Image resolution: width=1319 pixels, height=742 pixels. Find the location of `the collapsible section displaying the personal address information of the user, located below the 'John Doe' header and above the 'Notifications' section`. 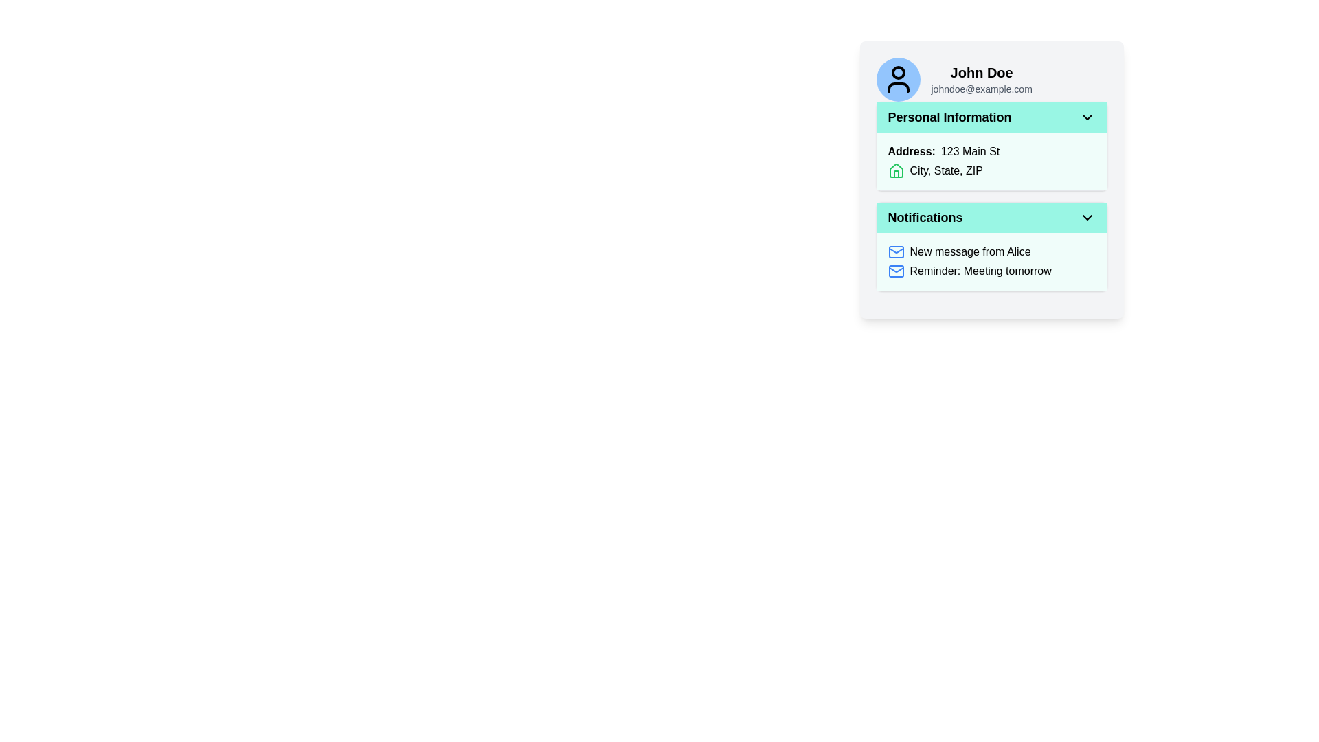

the collapsible section displaying the personal address information of the user, located below the 'John Doe' header and above the 'Notifications' section is located at coordinates (991, 146).